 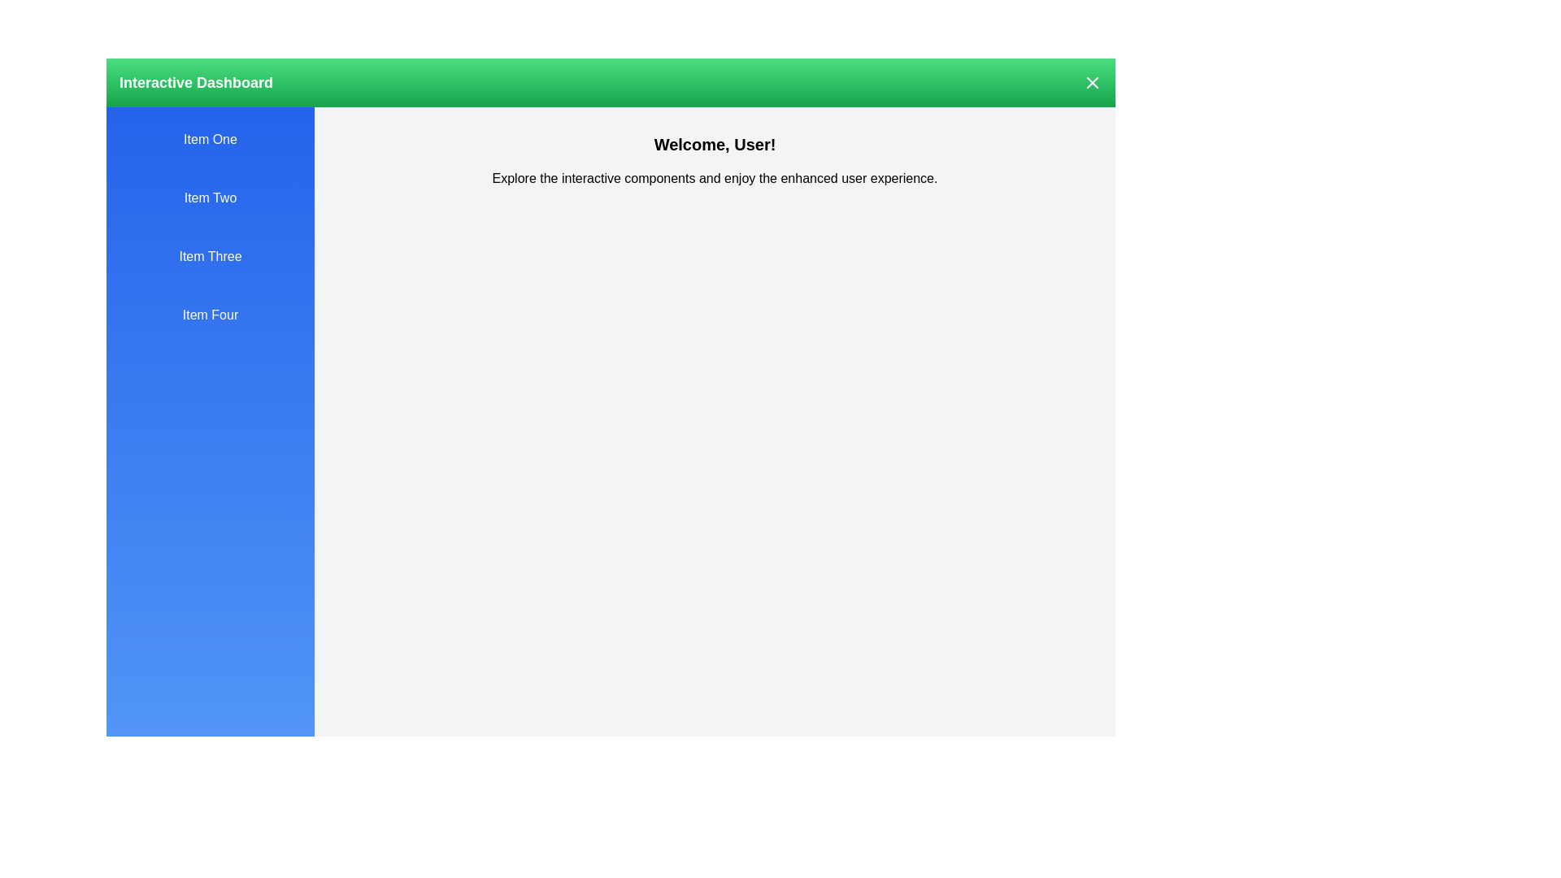 What do you see at coordinates (210, 256) in the screenshot?
I see `the drawer item Item Three to observe the hover effect` at bounding box center [210, 256].